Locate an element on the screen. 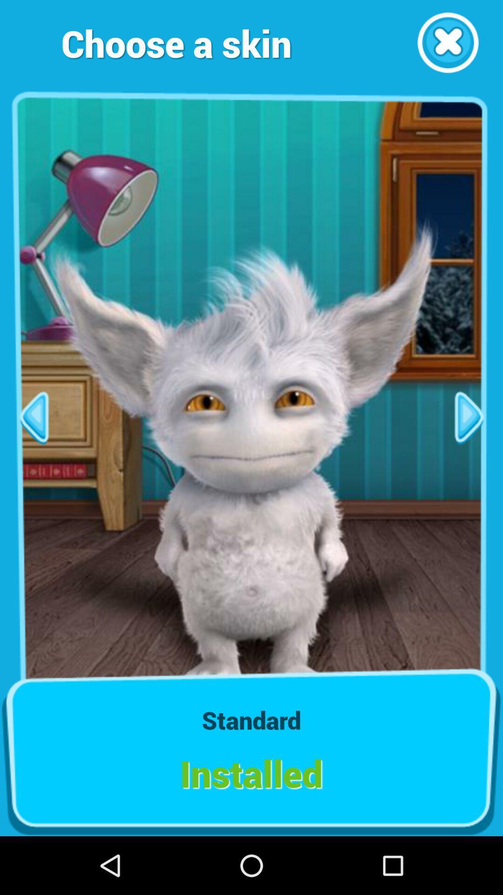  the arrow_backward icon is located at coordinates (33, 447).